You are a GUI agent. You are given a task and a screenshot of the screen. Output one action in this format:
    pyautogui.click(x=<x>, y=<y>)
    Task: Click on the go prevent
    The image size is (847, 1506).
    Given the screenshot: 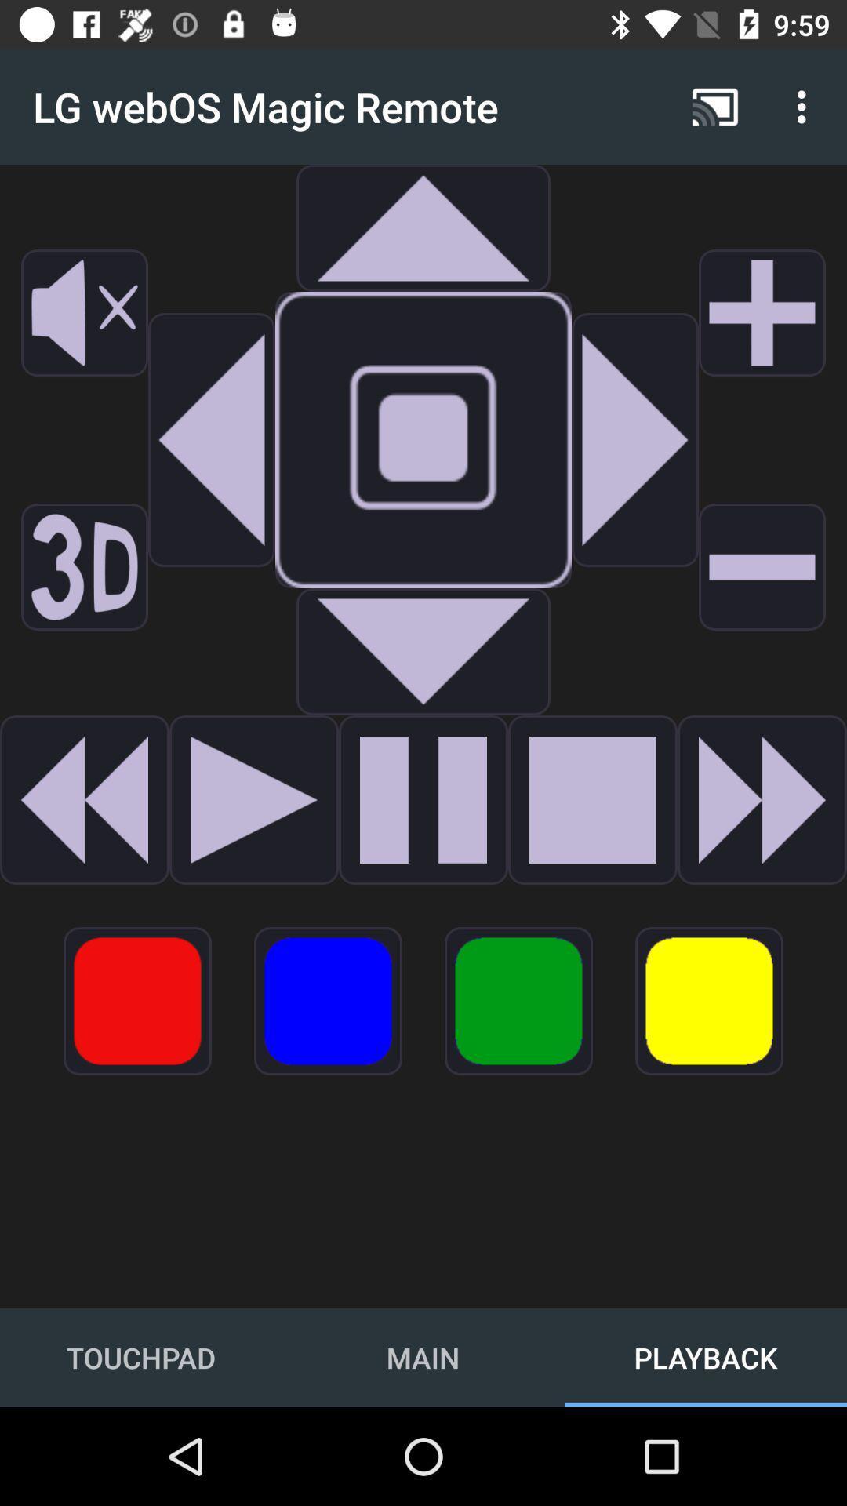 What is the action you would take?
    pyautogui.click(x=253, y=799)
    